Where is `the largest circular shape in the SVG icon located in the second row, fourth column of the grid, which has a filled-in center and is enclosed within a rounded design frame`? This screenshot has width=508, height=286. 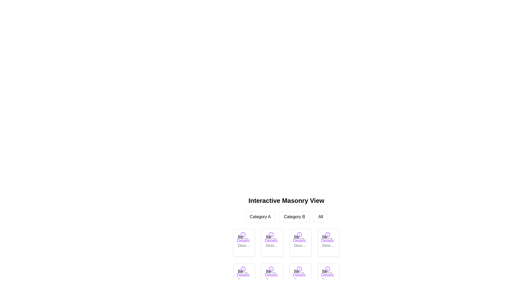
the largest circular shape in the SVG icon located in the second row, fourth column of the grid, which has a filled-in center and is enclosed within a rounded design frame is located at coordinates (271, 269).